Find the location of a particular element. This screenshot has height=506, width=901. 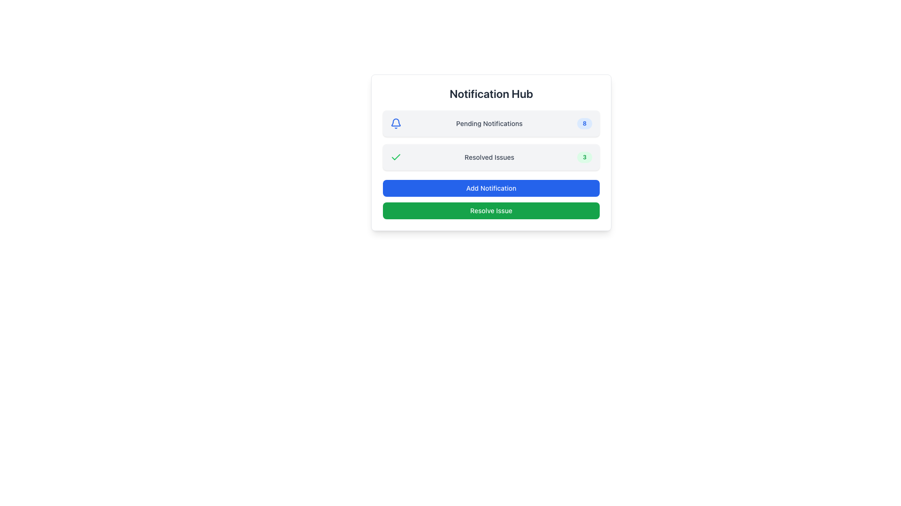

the checkmark icon in the 'Resolved Issues' panel, which visually indicates that an issue has been resolved is located at coordinates (396, 156).